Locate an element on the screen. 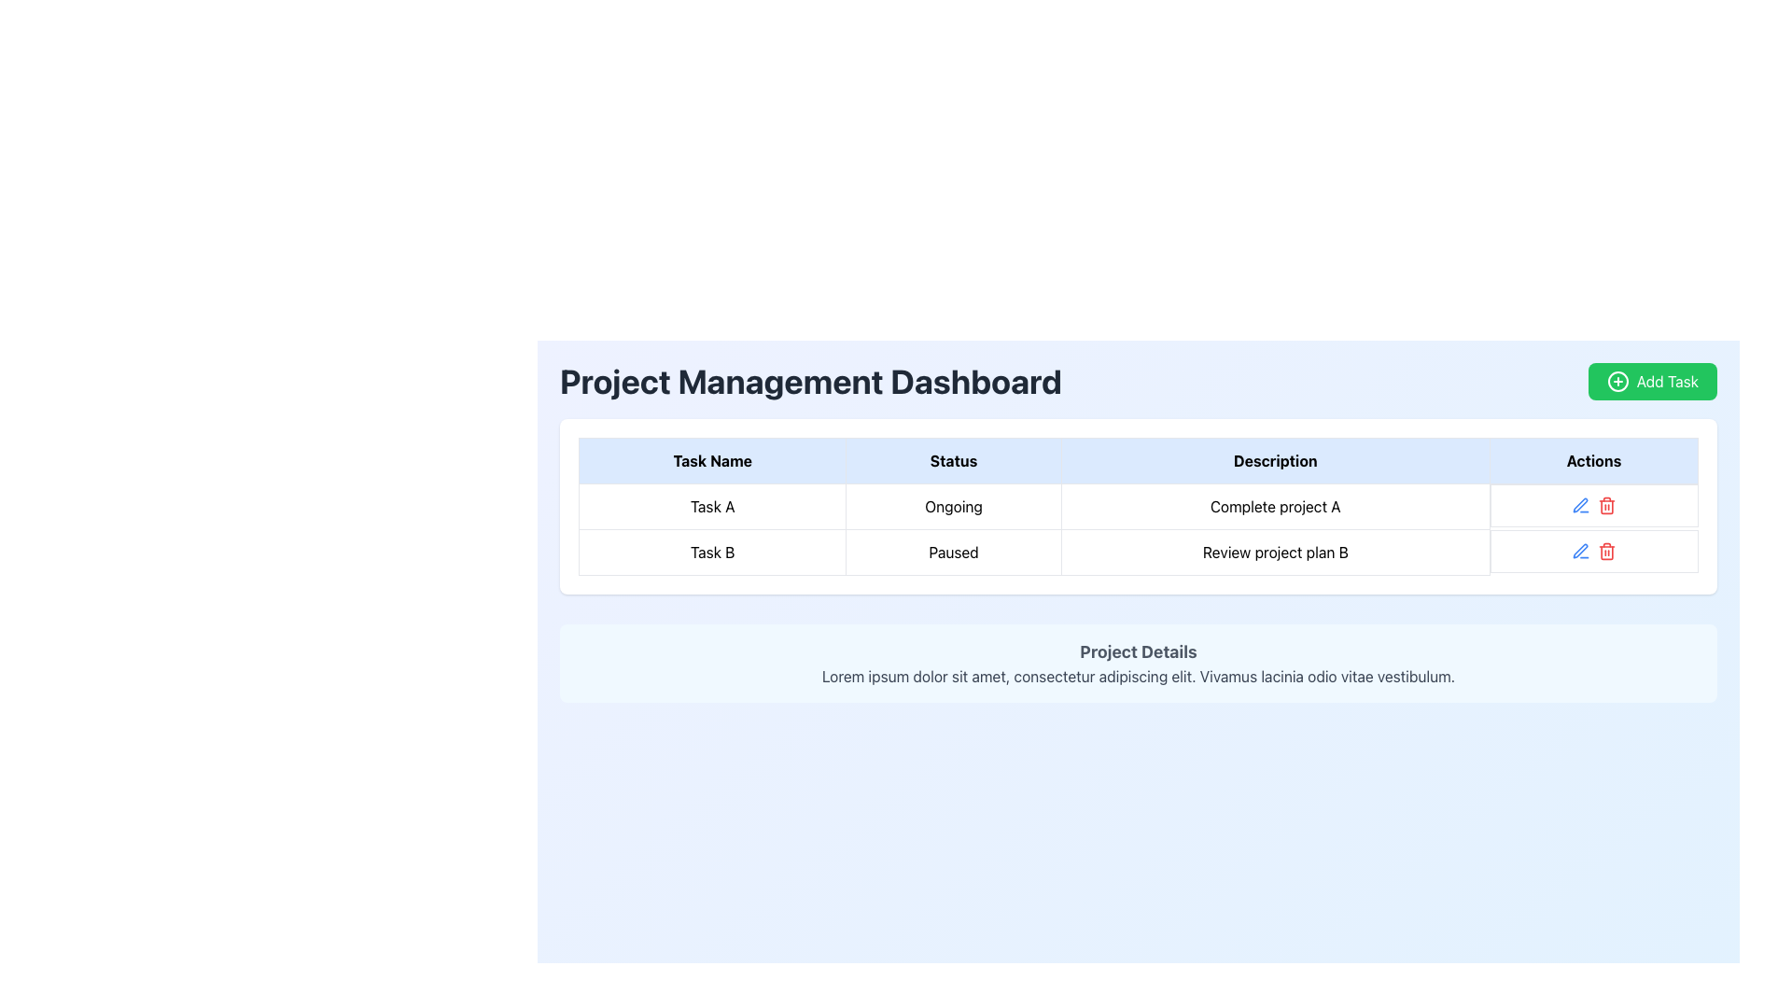 The image size is (1792, 1008). text content of the 'Add Task' label, which is displayed in white text on a green rounded rectangular background, located in the top-right corner of a green button next to a circular plus icon is located at coordinates (1667, 380).